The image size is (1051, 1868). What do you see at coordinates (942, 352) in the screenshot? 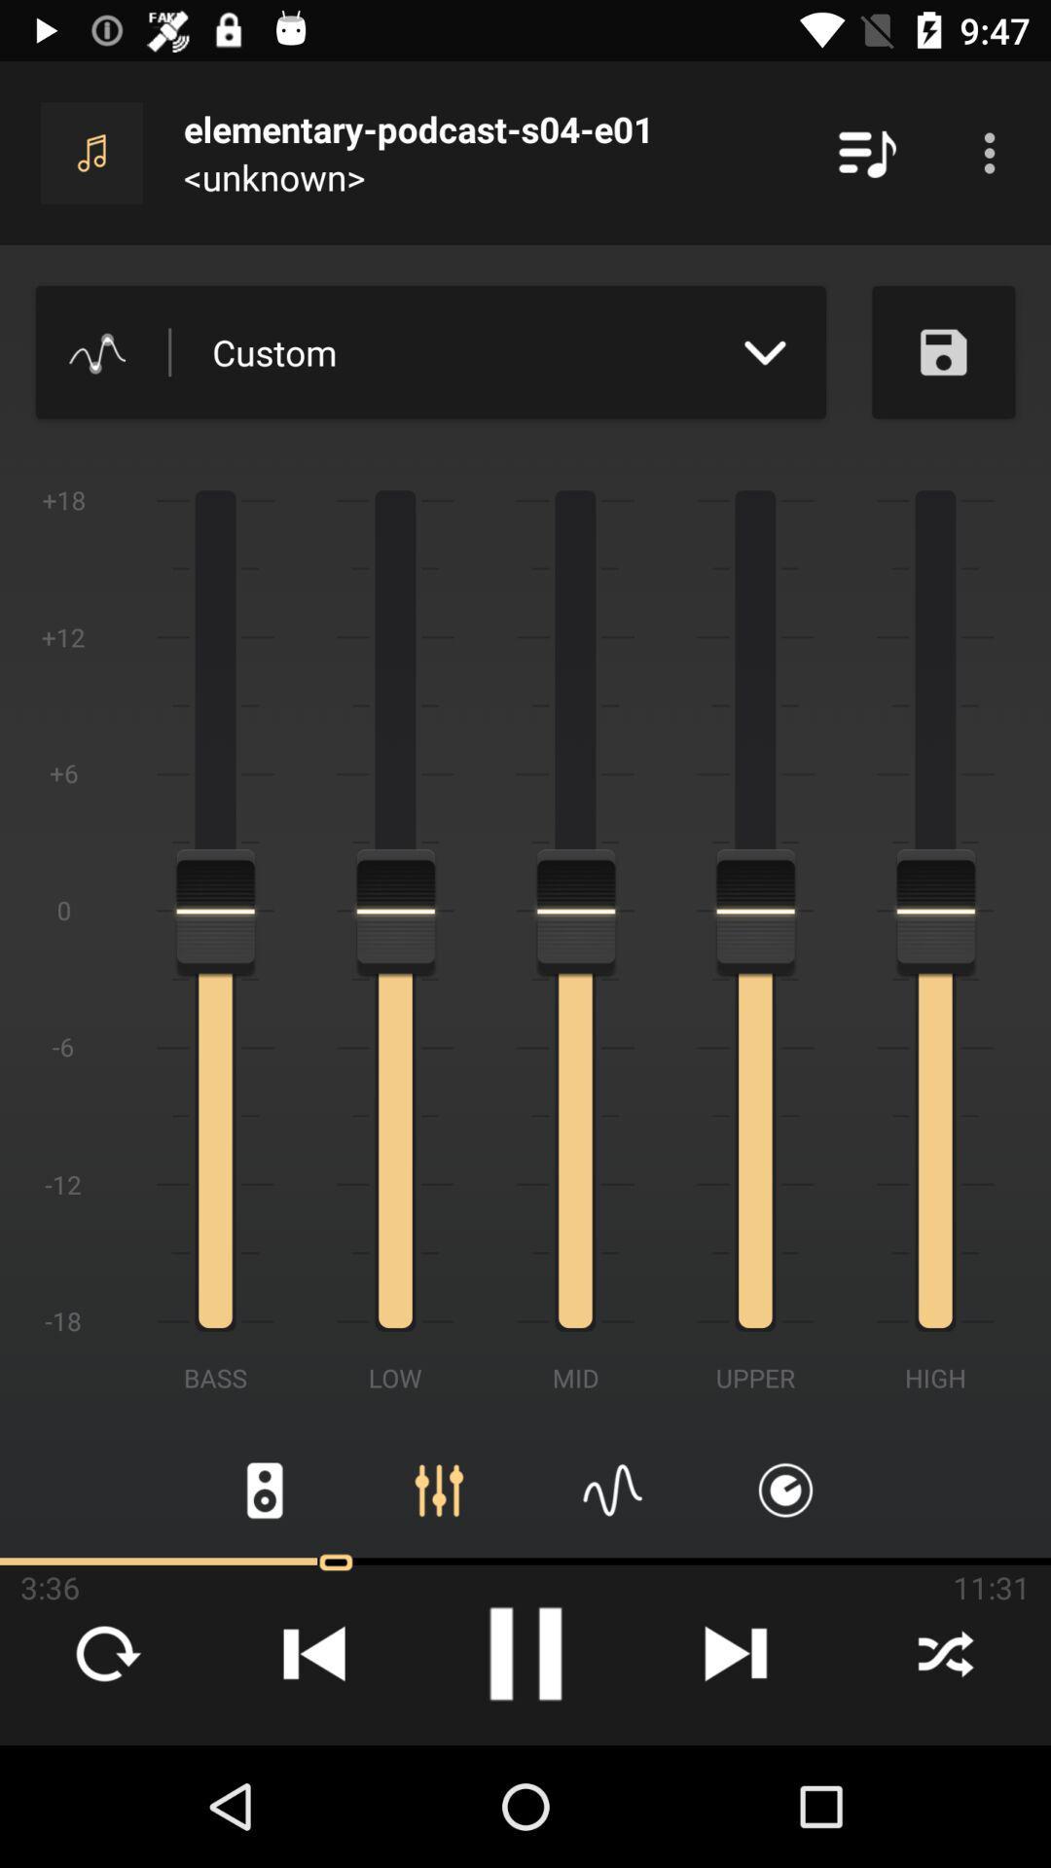
I see `the save icon` at bounding box center [942, 352].